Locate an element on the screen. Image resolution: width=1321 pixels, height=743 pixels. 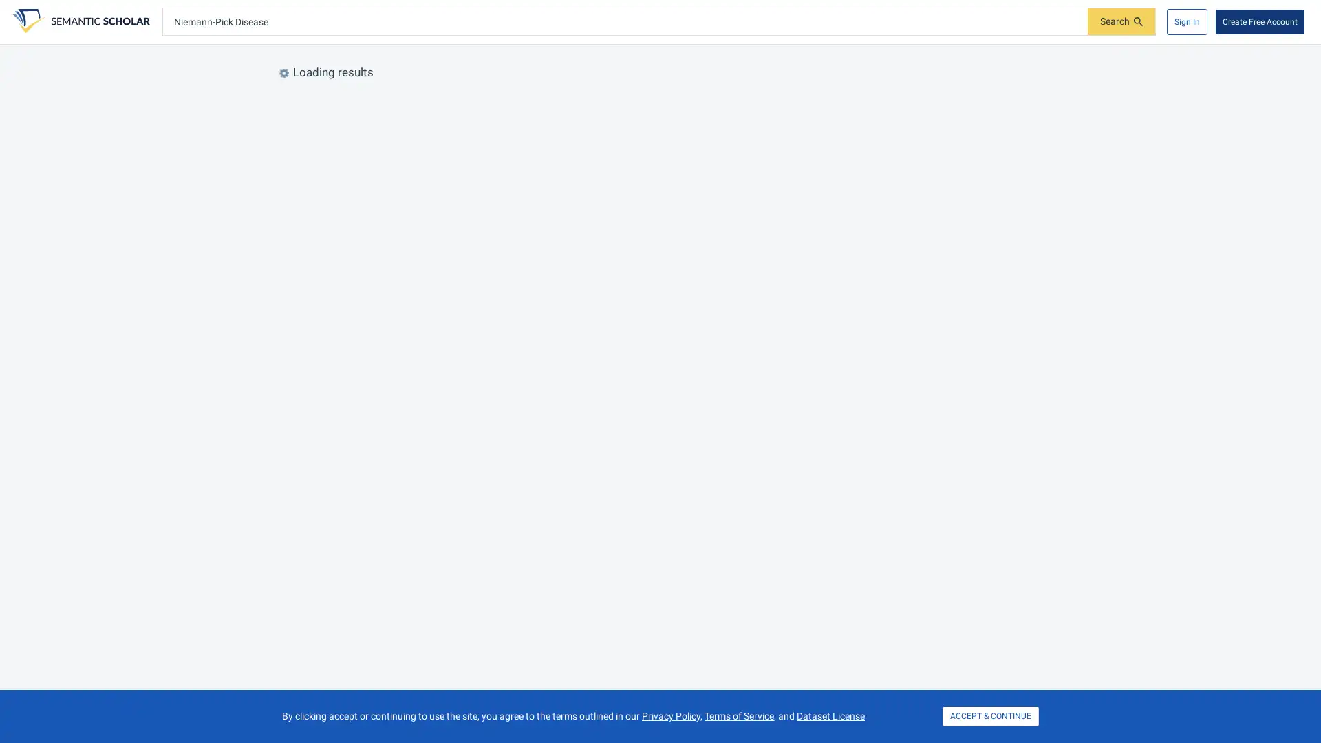
Create Free Account is located at coordinates (1260, 21).